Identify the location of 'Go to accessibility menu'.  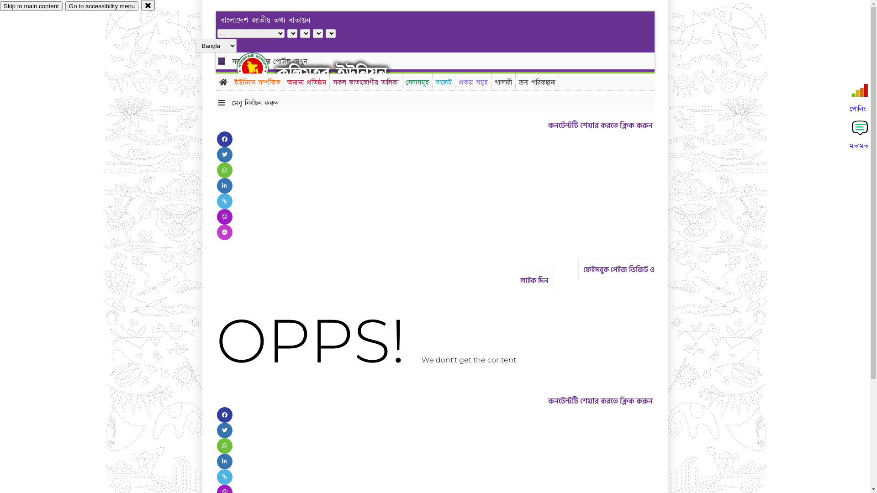
(101, 6).